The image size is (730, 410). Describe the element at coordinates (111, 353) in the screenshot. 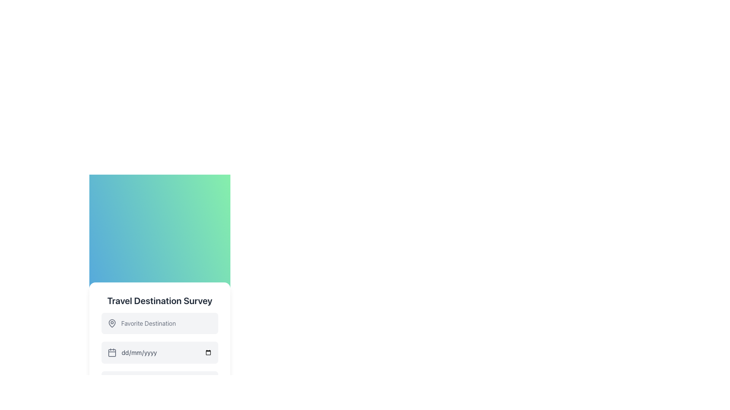

I see `the date input icon located to the left of the input field within the gray rounded box of the Travel Destination Survey form` at that location.